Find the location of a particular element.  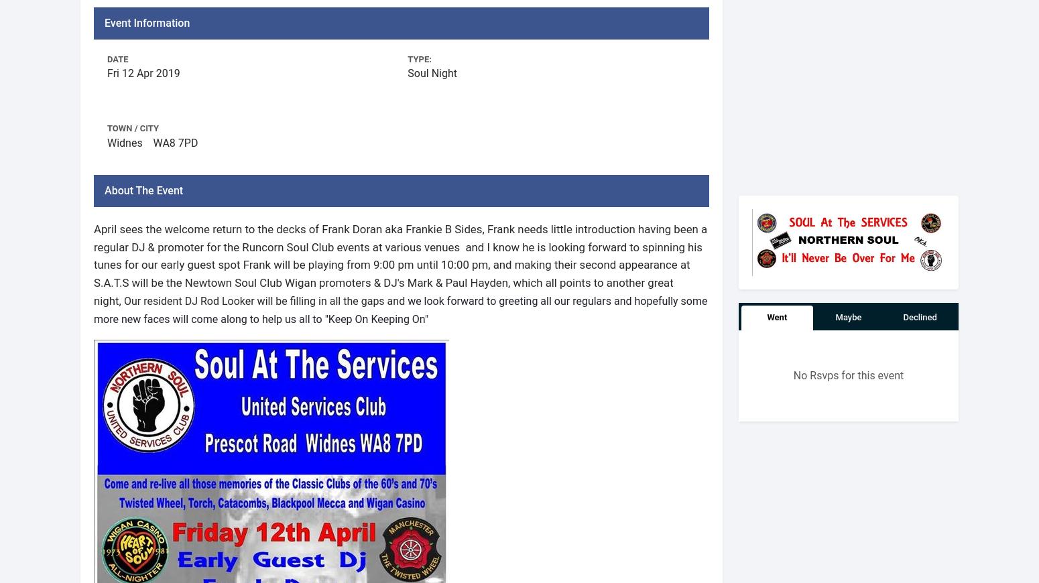

'Type:' is located at coordinates (418, 58).